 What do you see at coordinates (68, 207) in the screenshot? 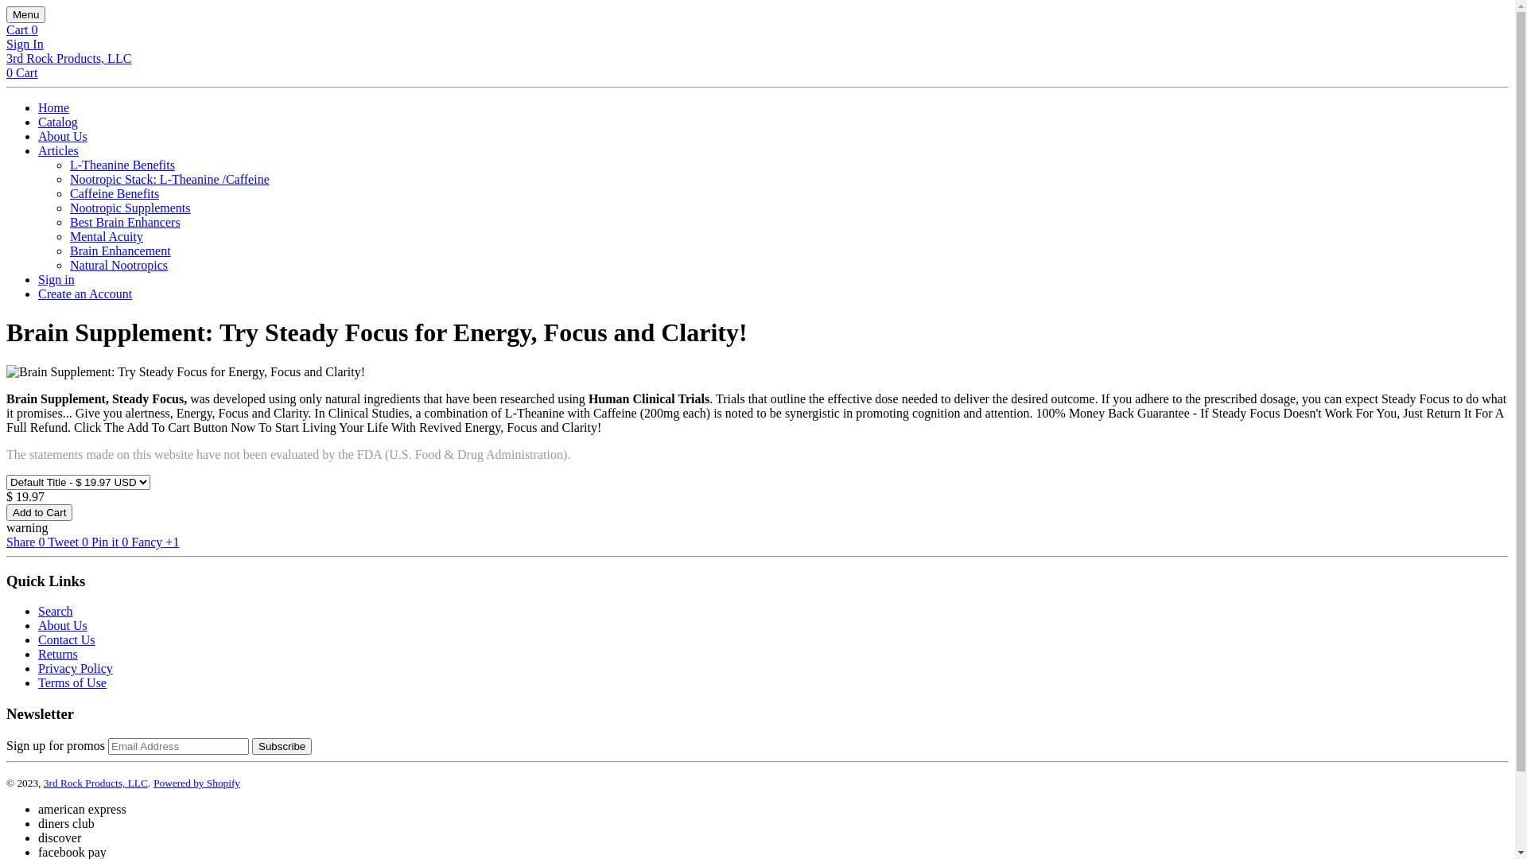
I see `'Nootropic Supplements'` at bounding box center [68, 207].